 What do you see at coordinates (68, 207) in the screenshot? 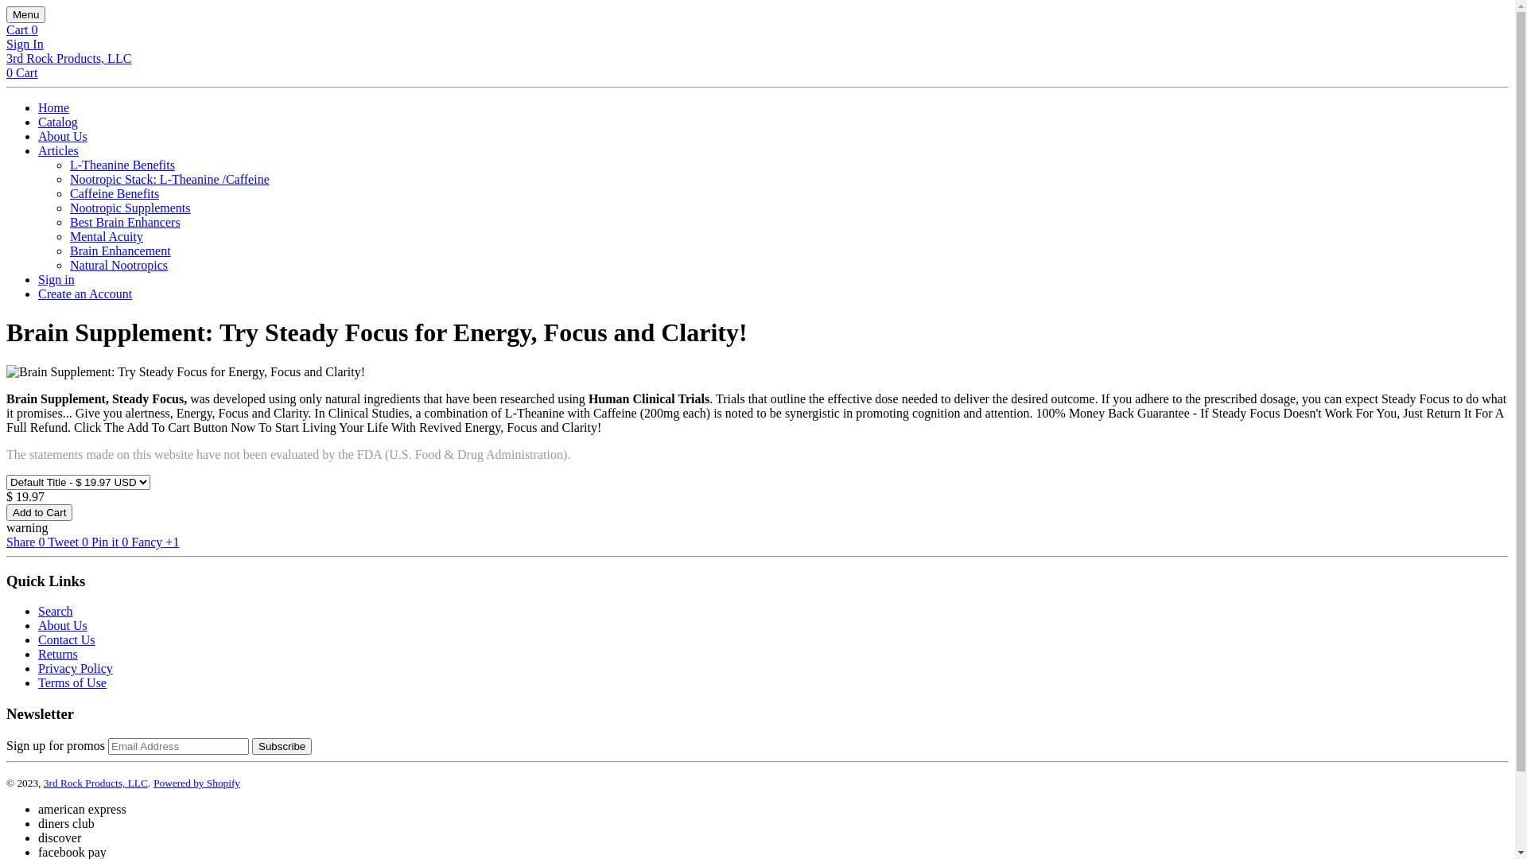
I see `'Nootropic Supplements'` at bounding box center [68, 207].